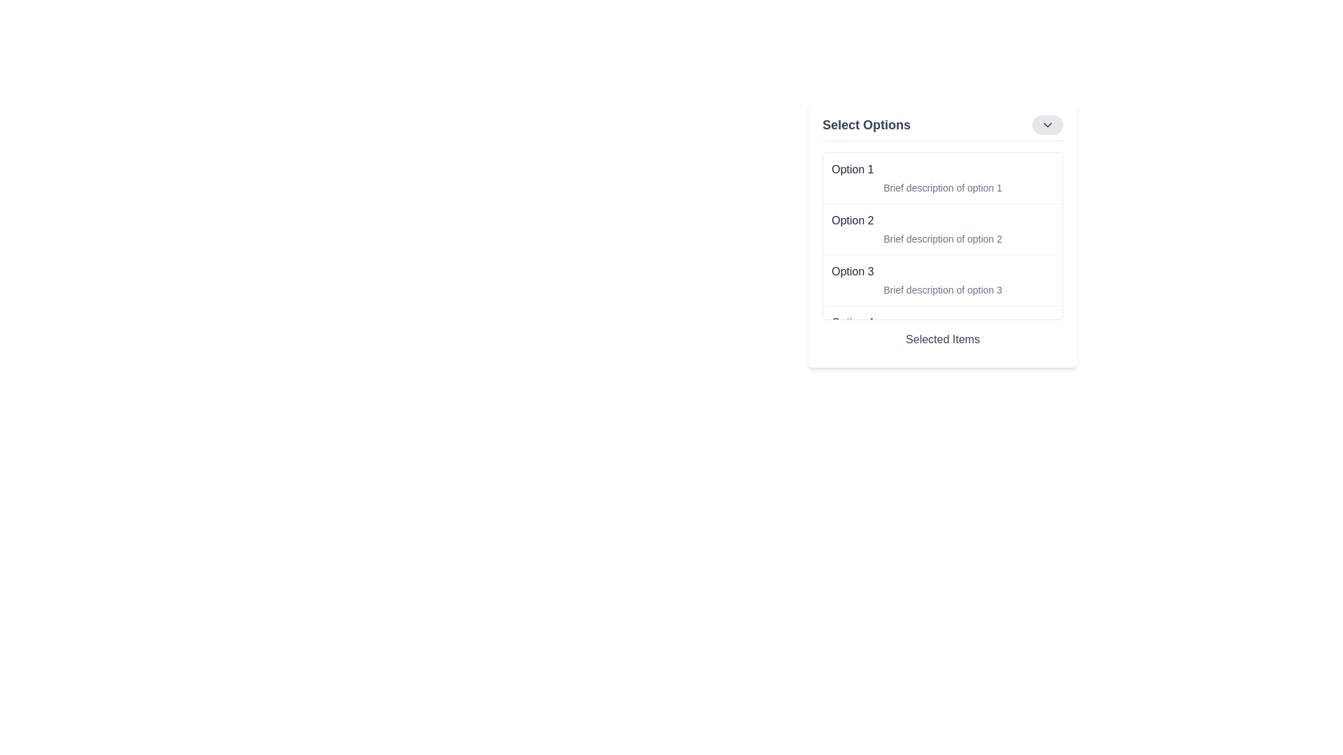 The height and width of the screenshot is (755, 1343). Describe the element at coordinates (943, 177) in the screenshot. I see `the first list item labeled 'Option 1' with a supporting description 'Brief description of option 1'` at that location.